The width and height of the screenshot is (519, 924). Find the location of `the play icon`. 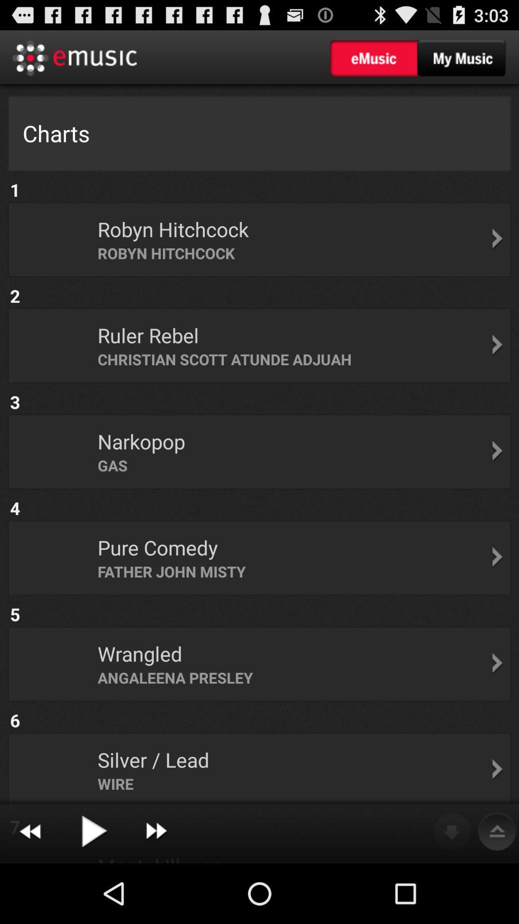

the play icon is located at coordinates (93, 890).